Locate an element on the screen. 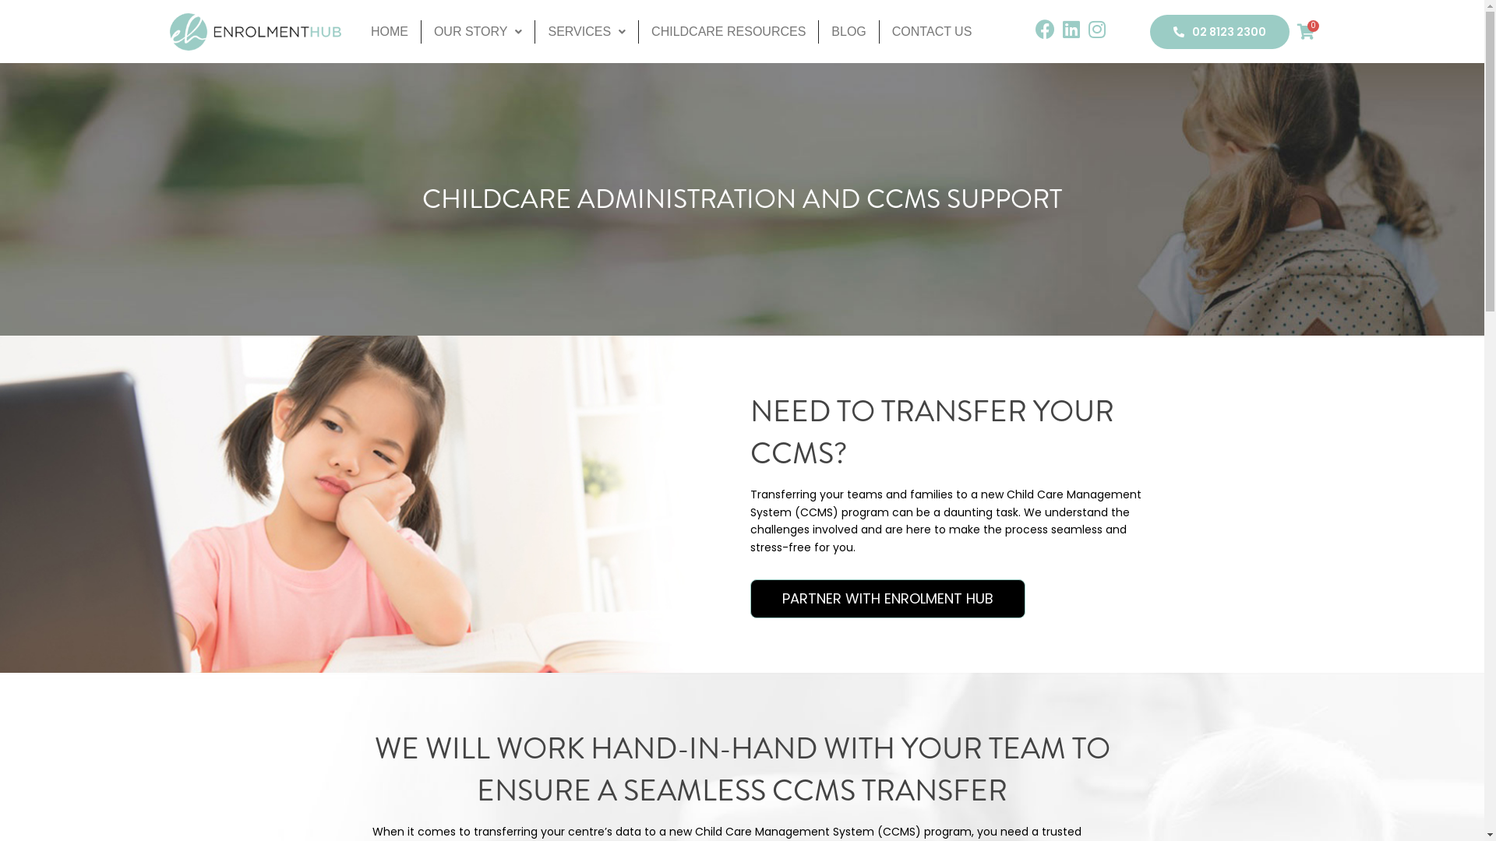  'CONTACT US' is located at coordinates (932, 32).